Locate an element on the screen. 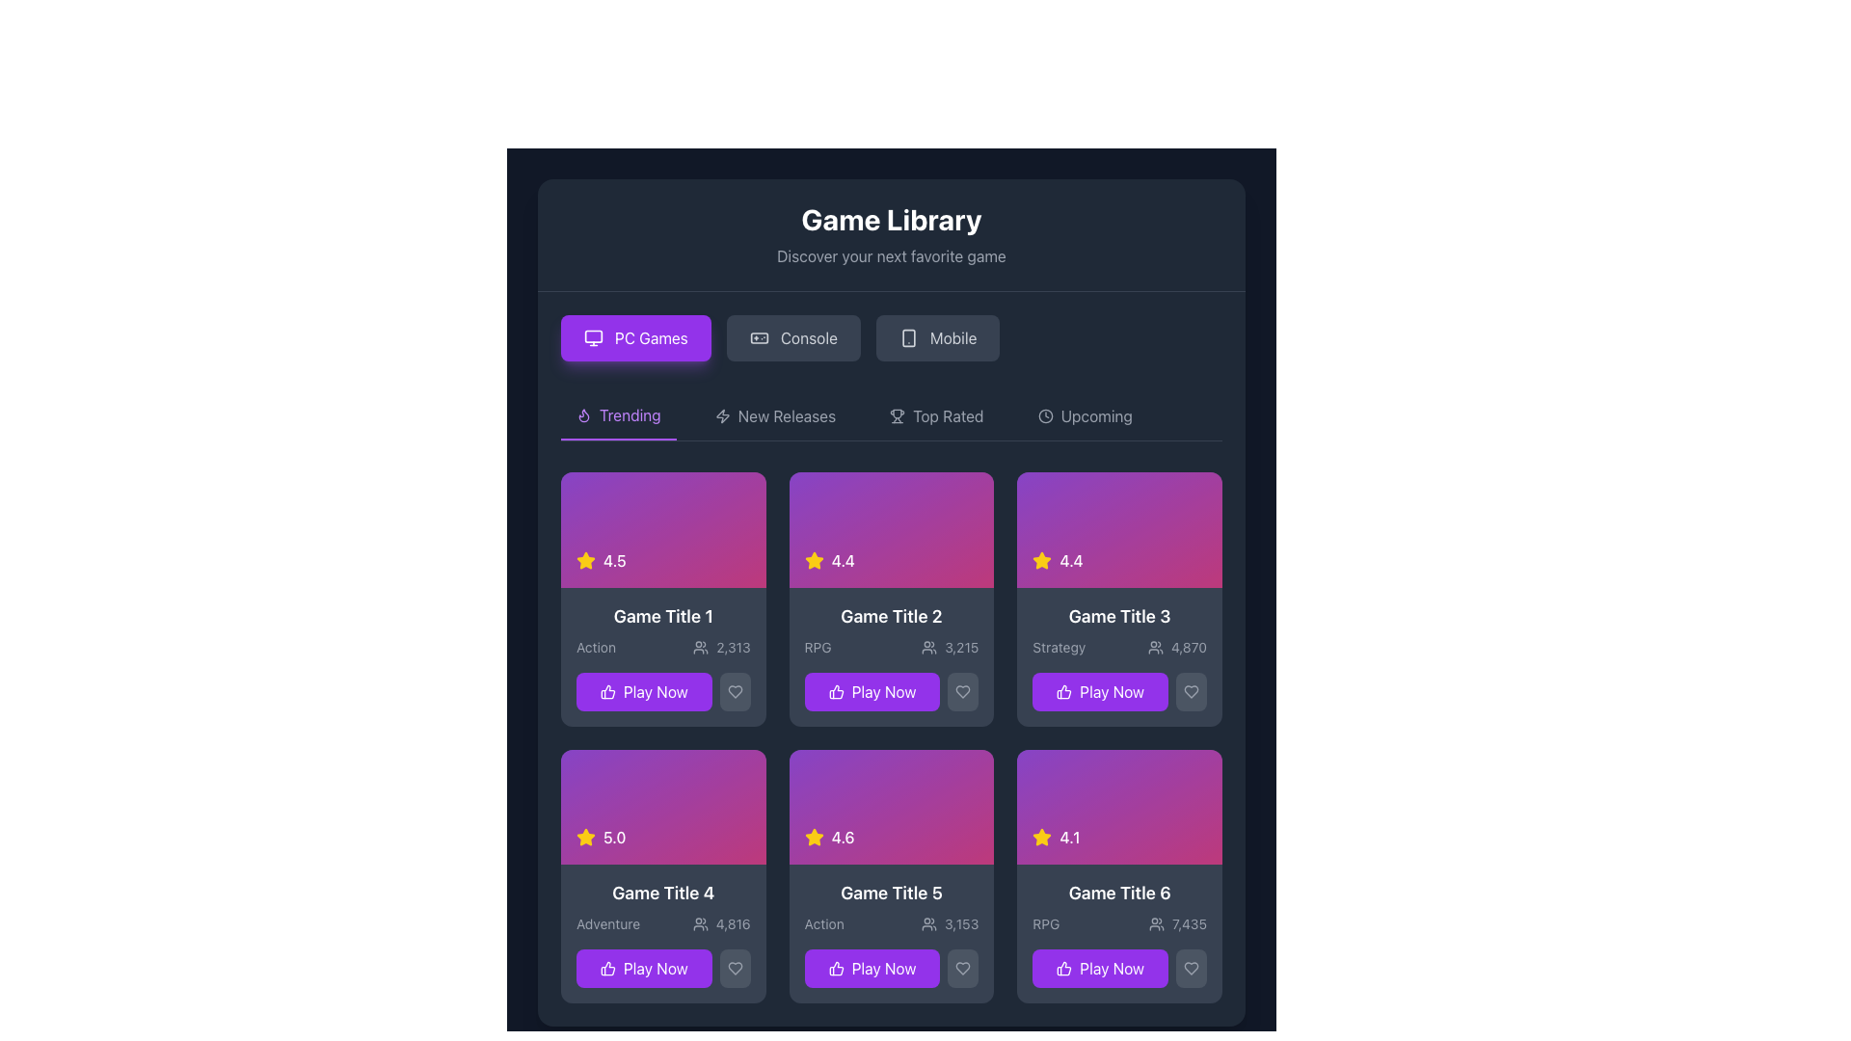 Image resolution: width=1851 pixels, height=1041 pixels. visual representation of the star-shaped icon filled with yellow color, located on the gradient purple card in the game library interface, positioned in the second card of the first row is located at coordinates (585, 560).